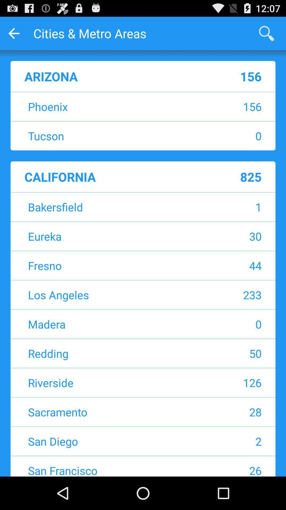  What do you see at coordinates (226, 353) in the screenshot?
I see `icon to the right of the redding` at bounding box center [226, 353].